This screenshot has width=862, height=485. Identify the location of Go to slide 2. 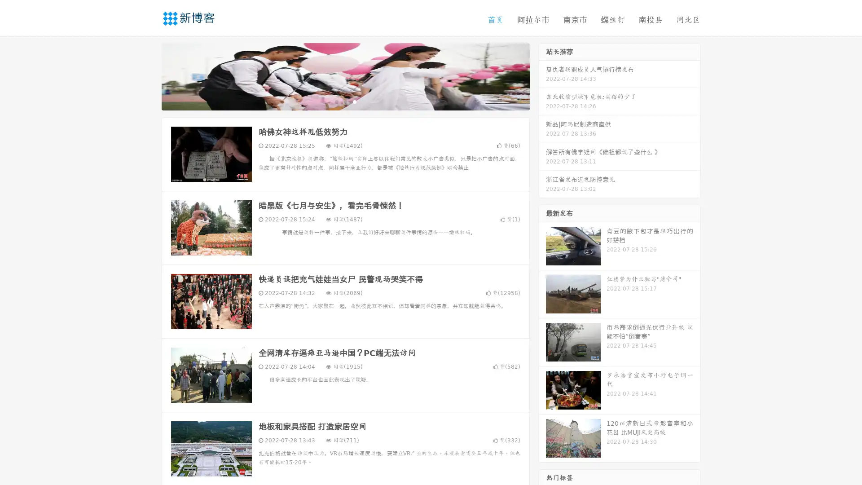
(345, 101).